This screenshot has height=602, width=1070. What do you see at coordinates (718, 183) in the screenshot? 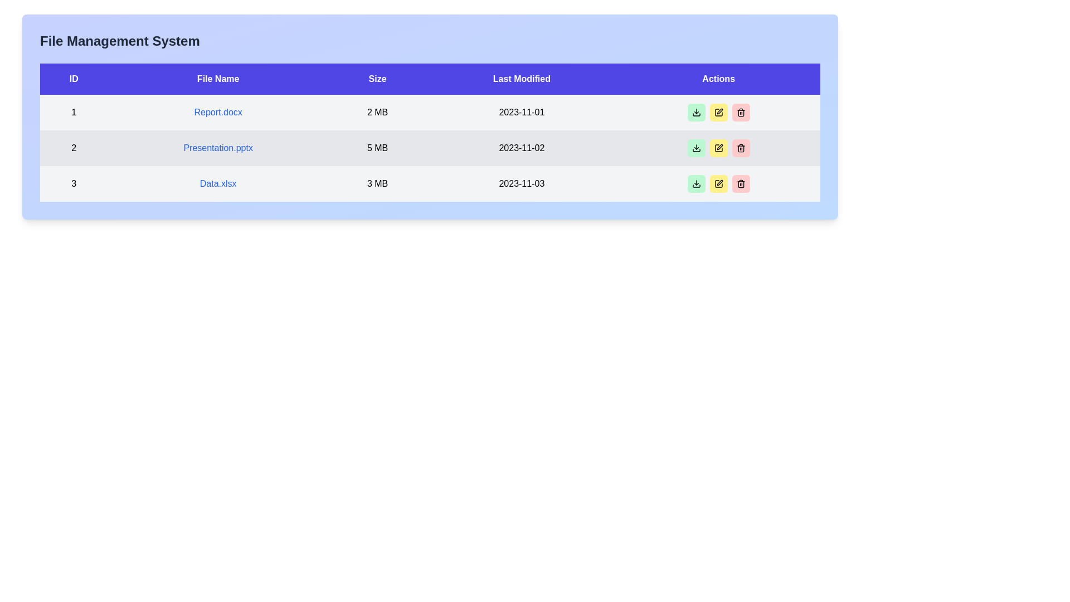
I see `the edit button located in the 'Actions' column of the last row of the 'File Management System' table` at bounding box center [718, 183].